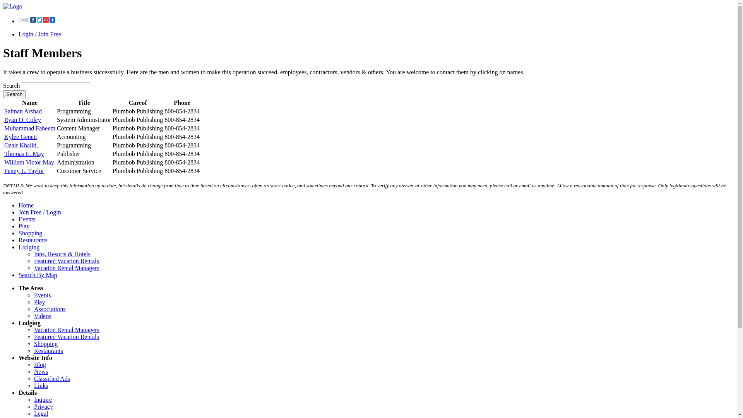  Describe the element at coordinates (29, 247) in the screenshot. I see `'Lodging'` at that location.